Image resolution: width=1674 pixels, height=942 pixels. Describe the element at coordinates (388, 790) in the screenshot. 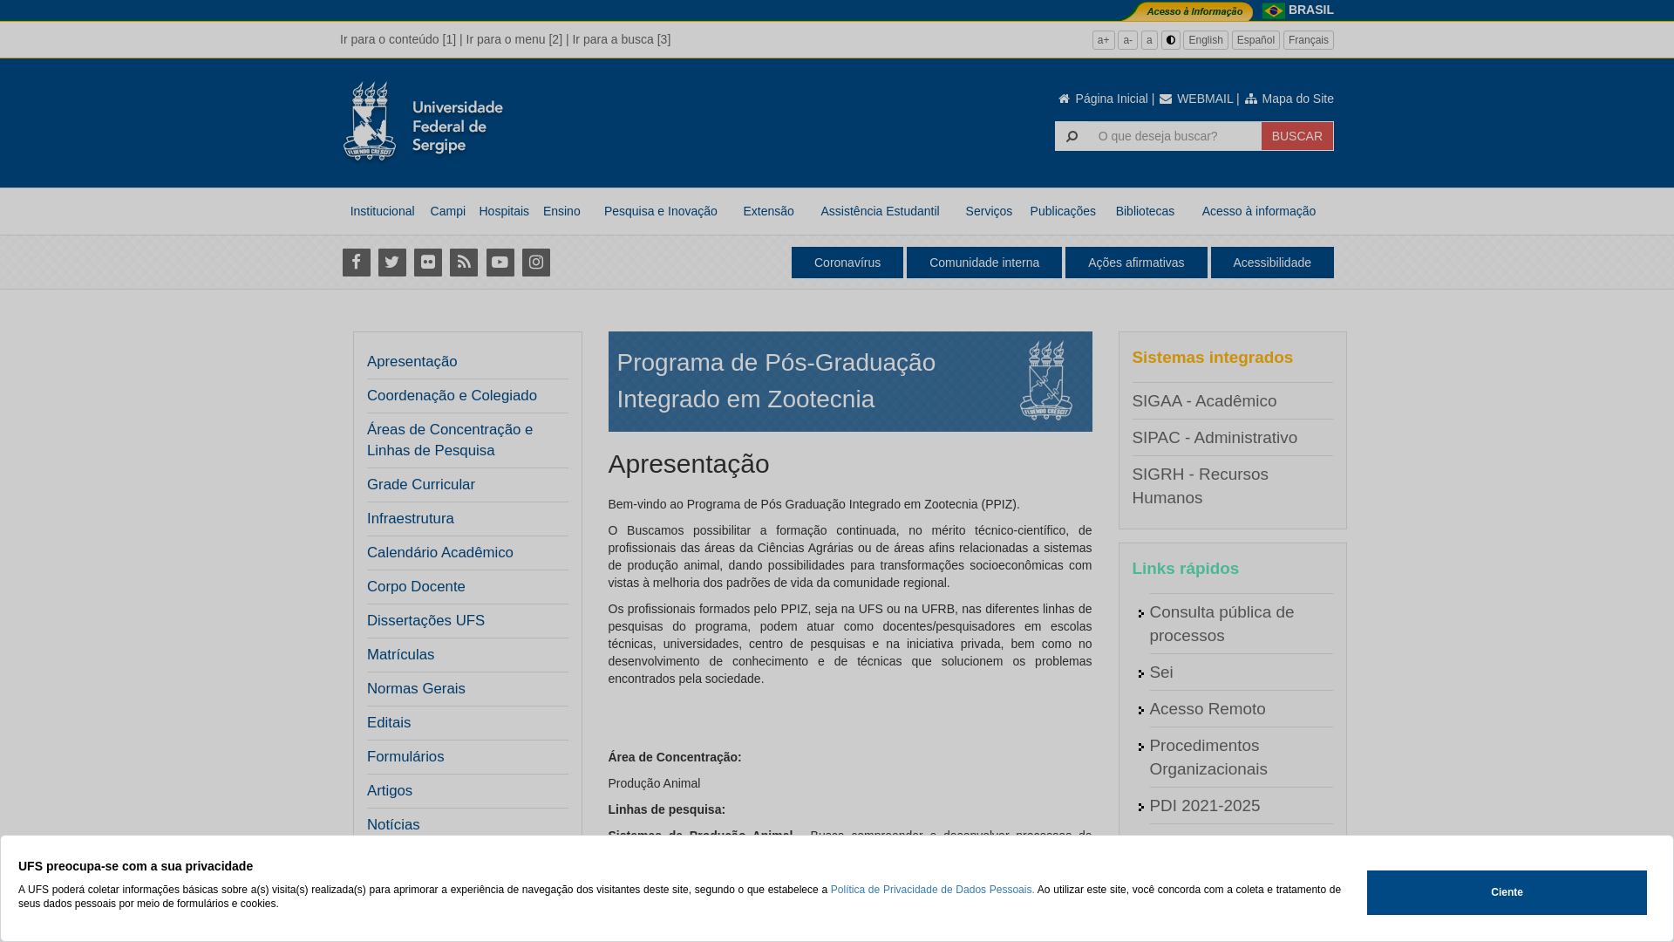

I see `'Artigos'` at that location.